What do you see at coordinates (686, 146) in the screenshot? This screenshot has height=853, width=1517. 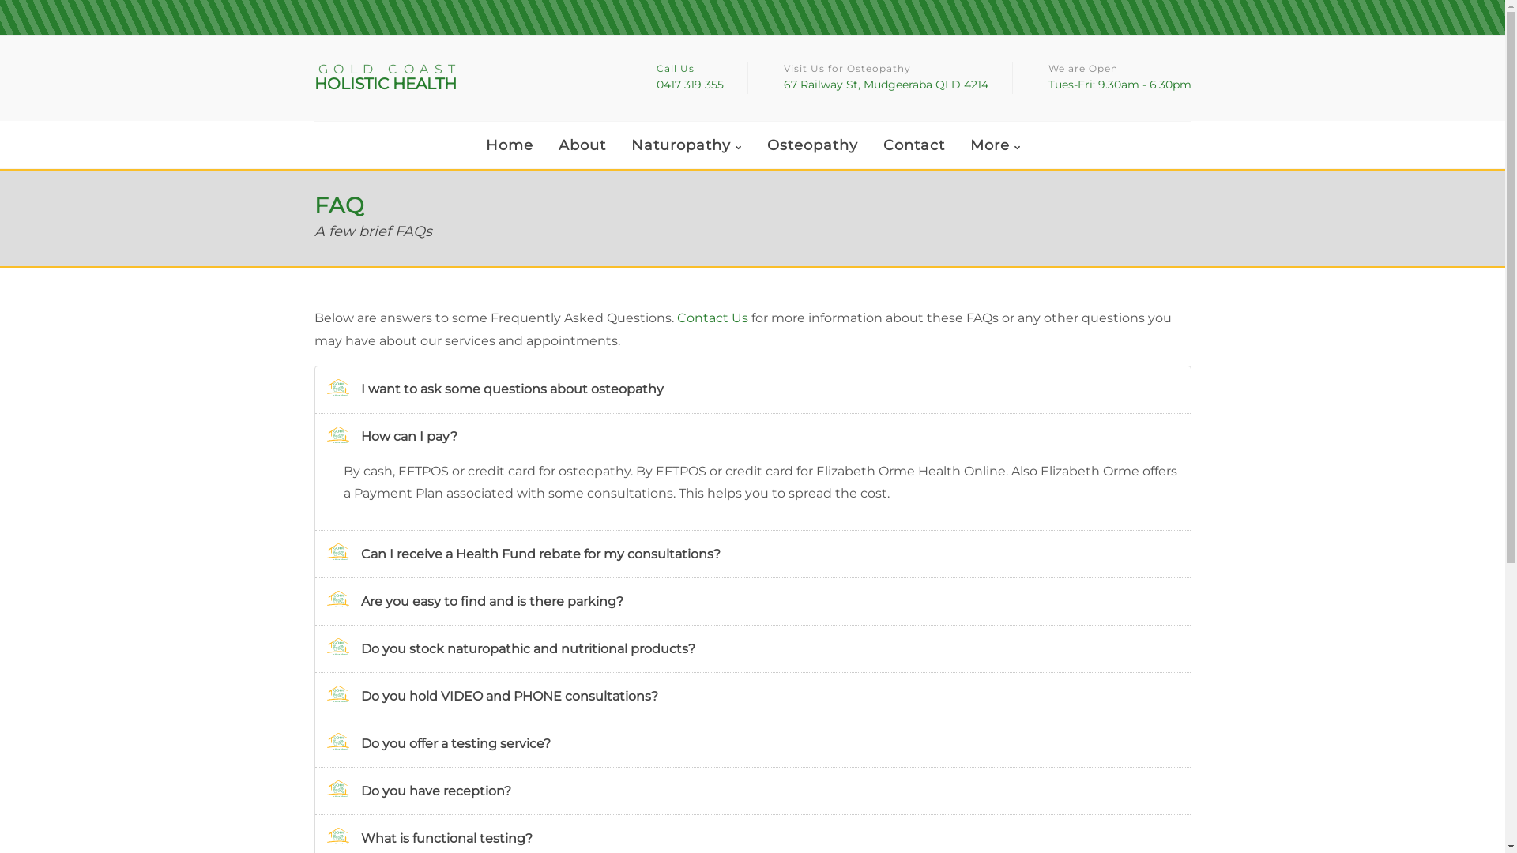 I see `'Naturopathy'` at bounding box center [686, 146].